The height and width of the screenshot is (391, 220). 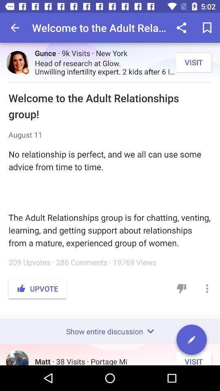 What do you see at coordinates (191, 341) in the screenshot?
I see `the edit icon` at bounding box center [191, 341].